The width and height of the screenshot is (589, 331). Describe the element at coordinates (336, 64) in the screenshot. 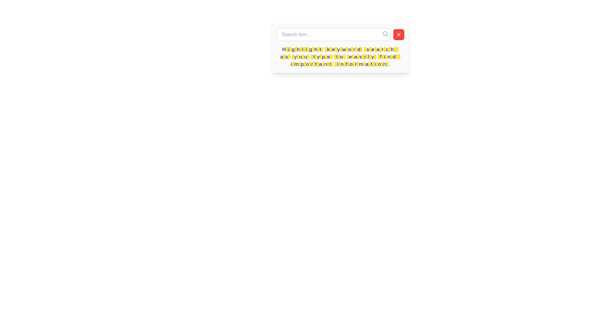

I see `the small, rectangular visual highlight with rounded corners and a yellow background, which is the eleventh highlight box from the left in the bottom row of highlighted words` at that location.